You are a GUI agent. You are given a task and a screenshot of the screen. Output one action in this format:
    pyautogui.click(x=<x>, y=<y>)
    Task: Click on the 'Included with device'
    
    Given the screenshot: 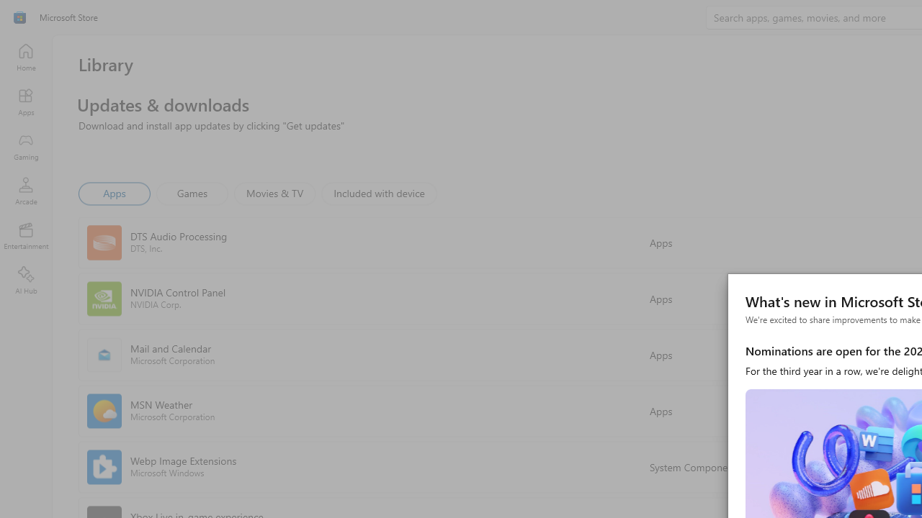 What is the action you would take?
    pyautogui.click(x=378, y=192)
    